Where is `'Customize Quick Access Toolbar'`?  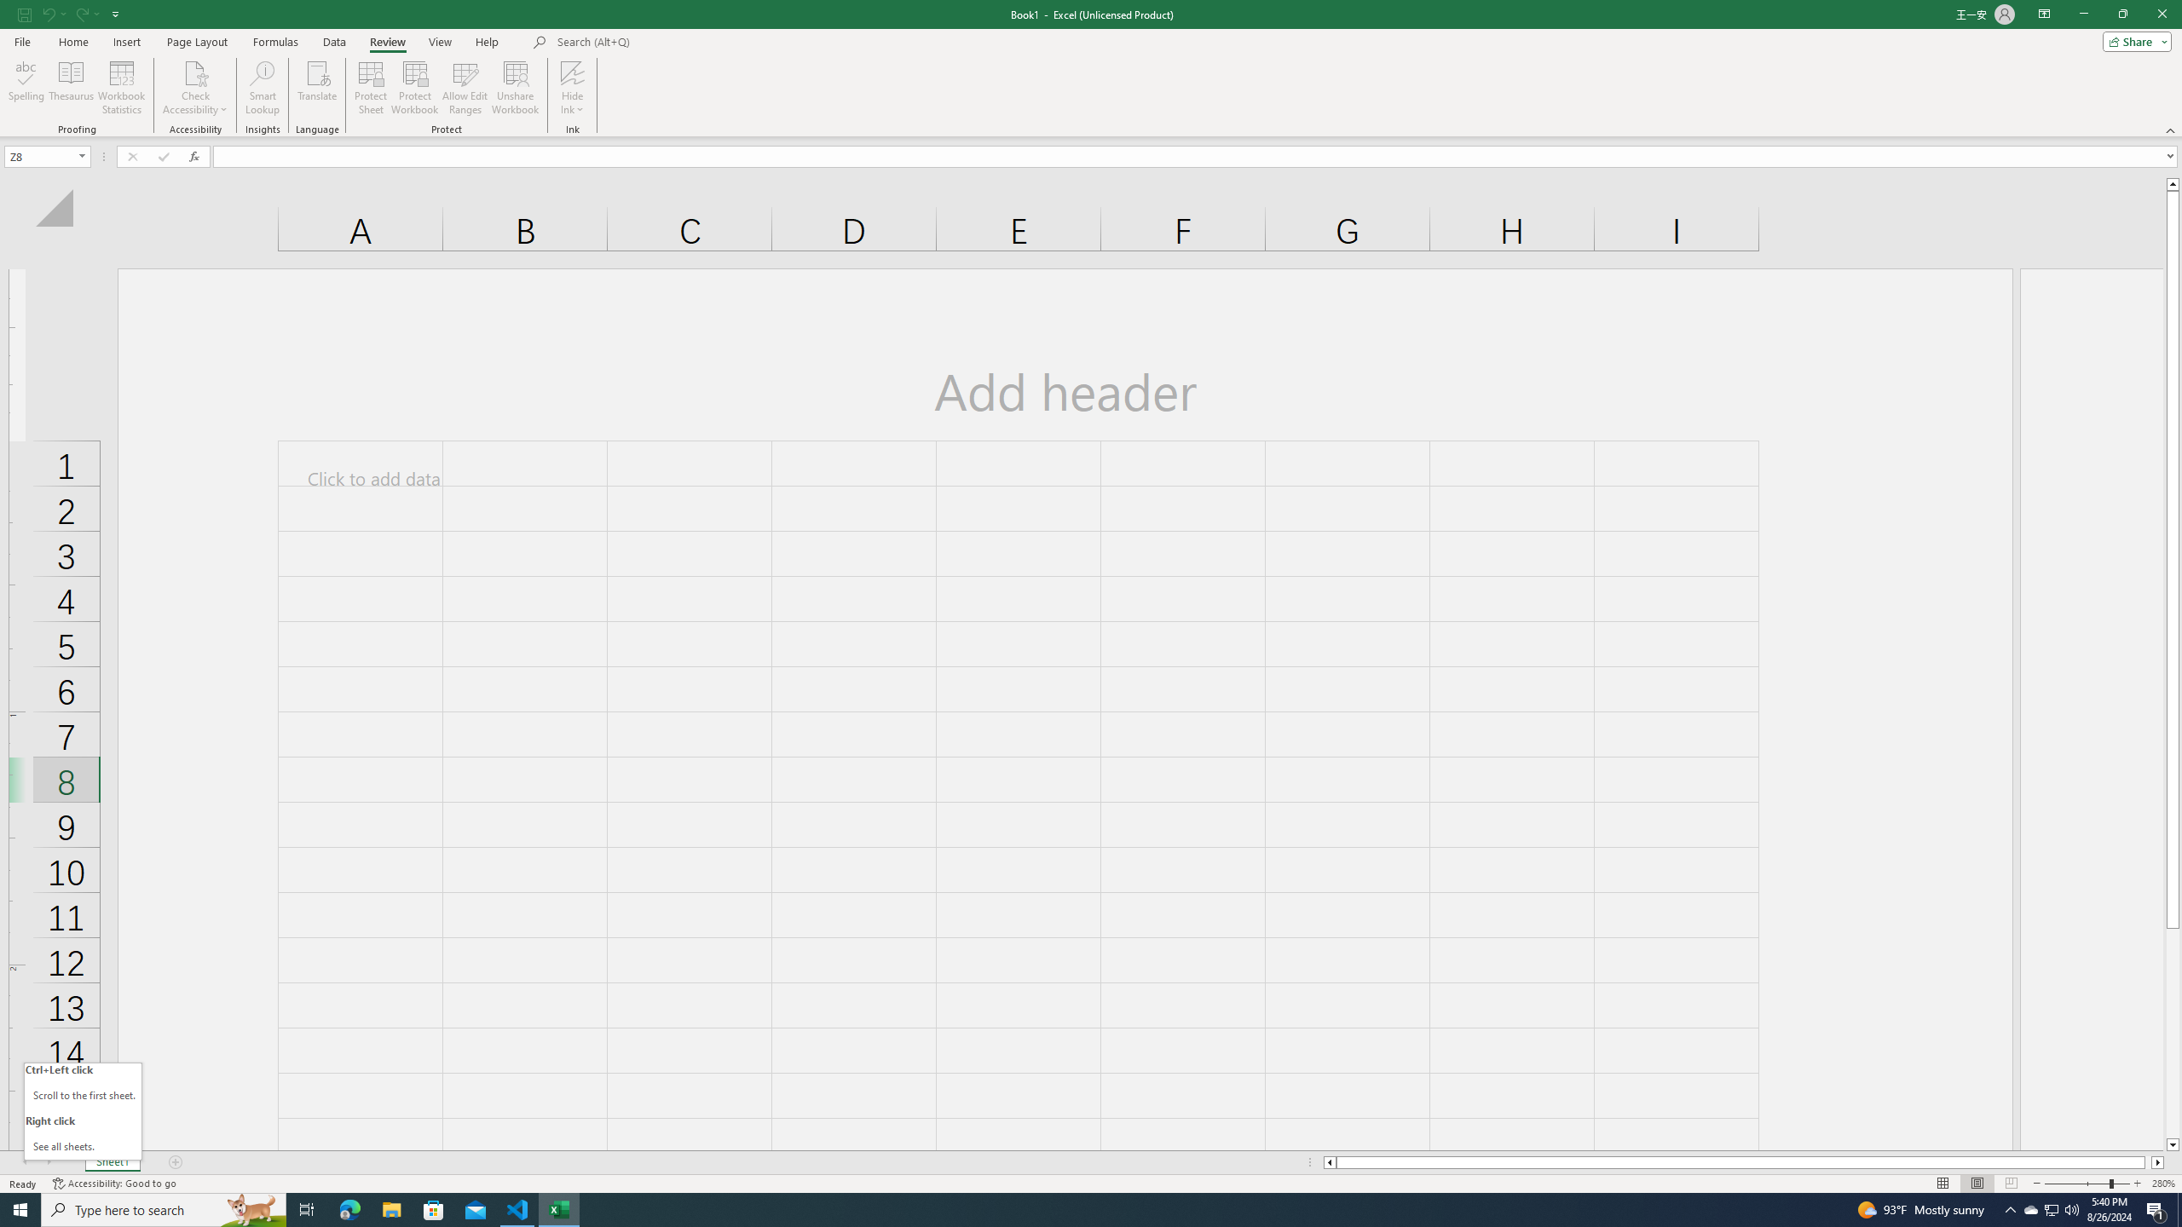
'Customize Quick Access Toolbar' is located at coordinates (115, 13).